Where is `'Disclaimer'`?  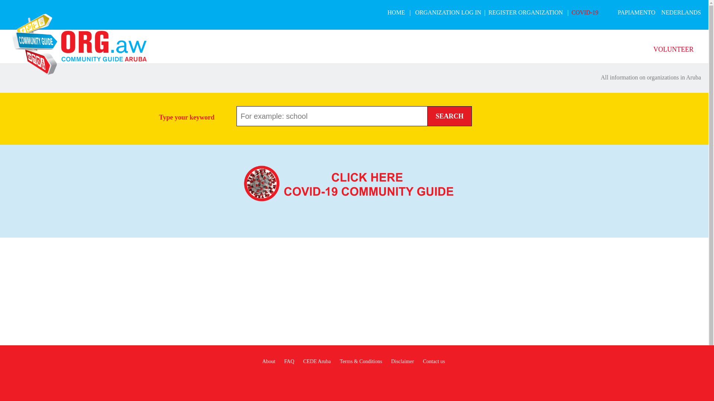
'Disclaimer' is located at coordinates (402, 361).